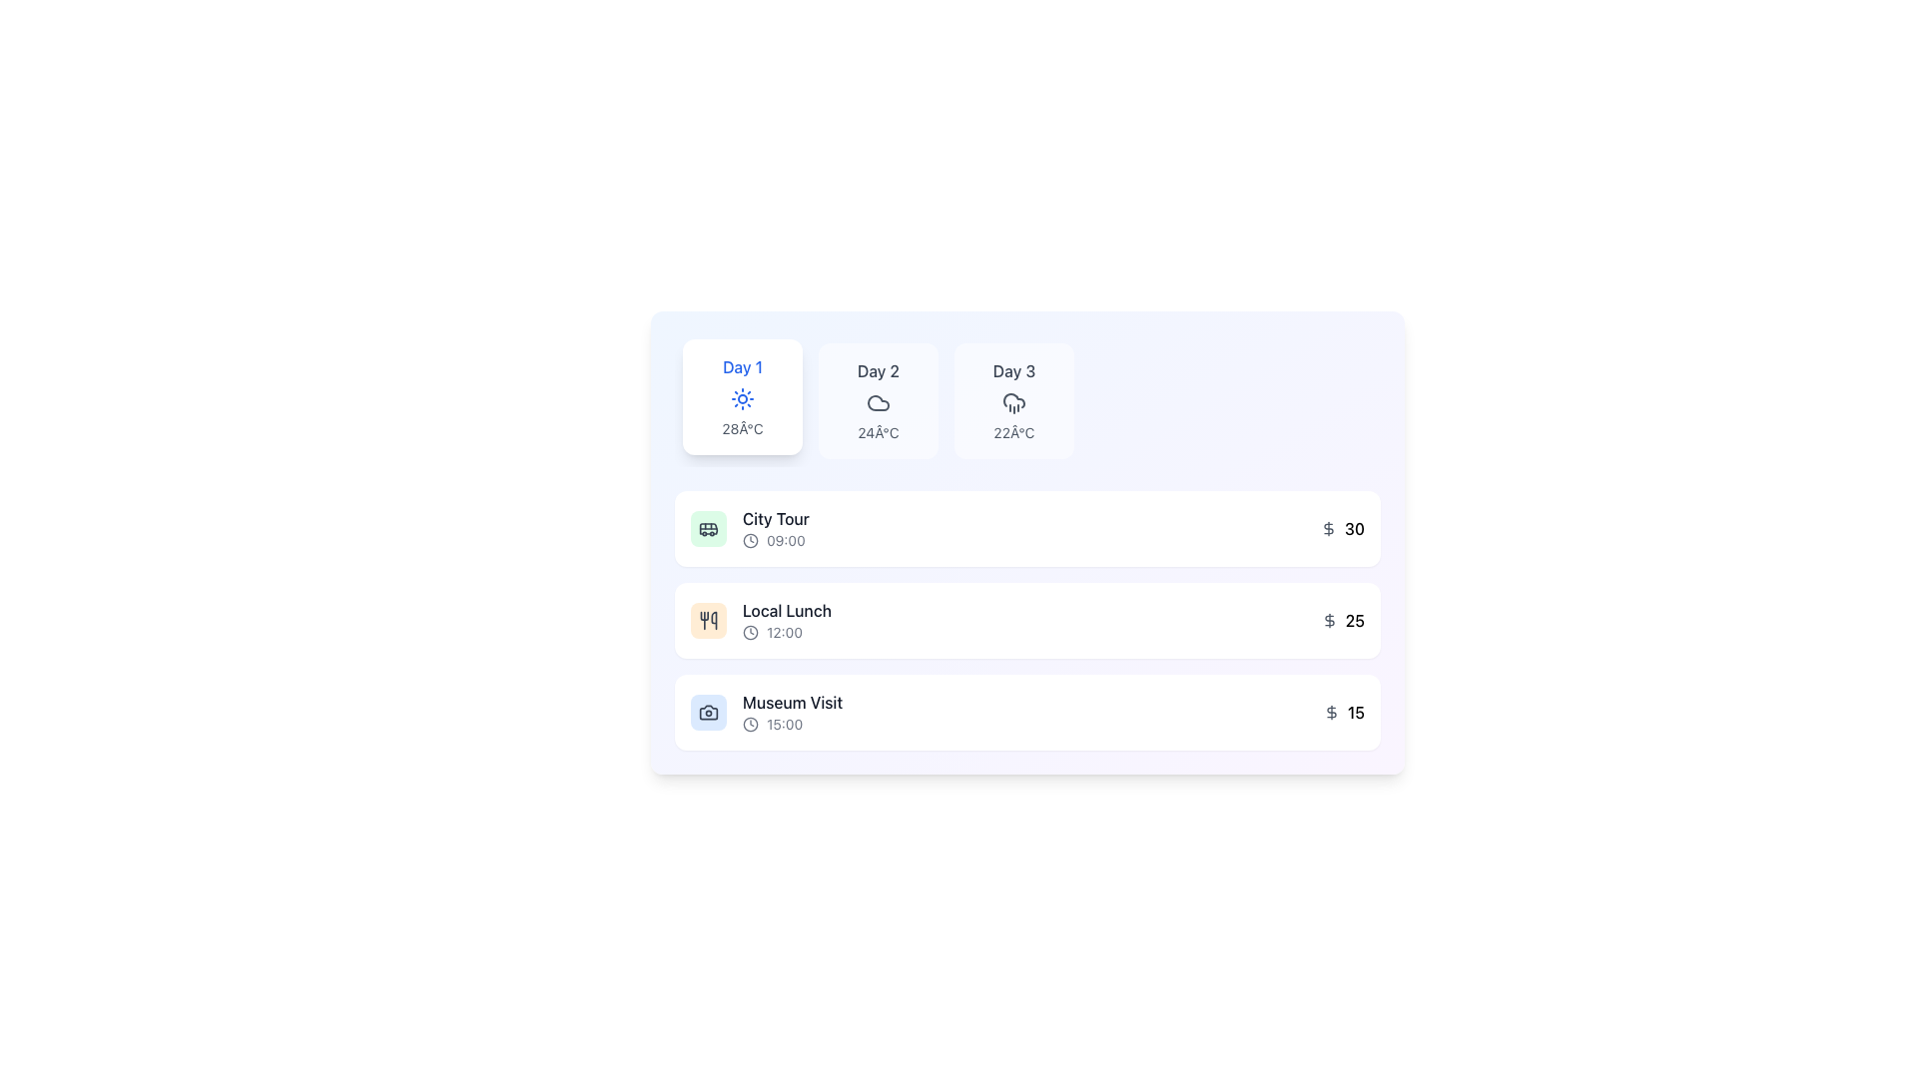 This screenshot has width=1917, height=1078. I want to click on the schedule entry list item that is positioned directly below the 'City Tour' item, so click(1027, 619).